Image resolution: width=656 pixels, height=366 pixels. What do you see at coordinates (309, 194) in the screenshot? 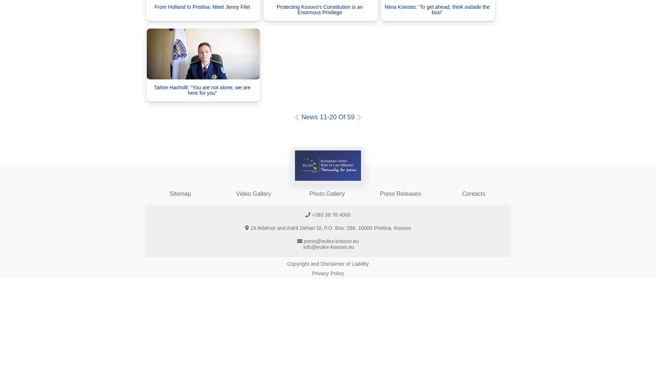
I see `'Photo Gallery'` at bounding box center [309, 194].